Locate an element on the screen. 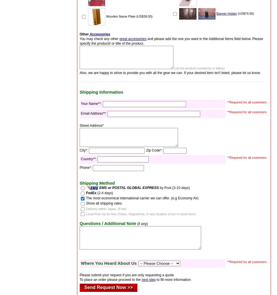 This screenshot has height=295, width=277. 'Phone*:' is located at coordinates (86, 167).